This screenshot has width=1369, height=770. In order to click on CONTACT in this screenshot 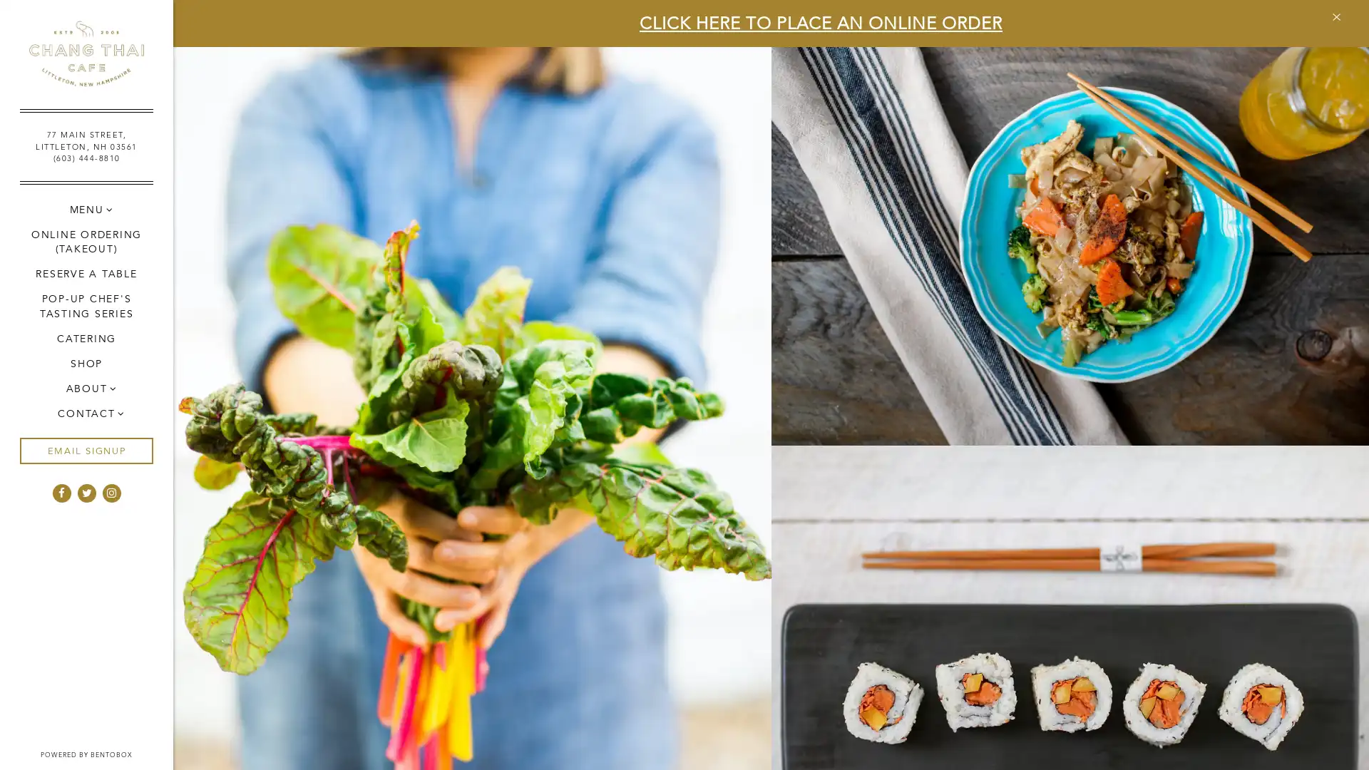, I will do `click(85, 413)`.